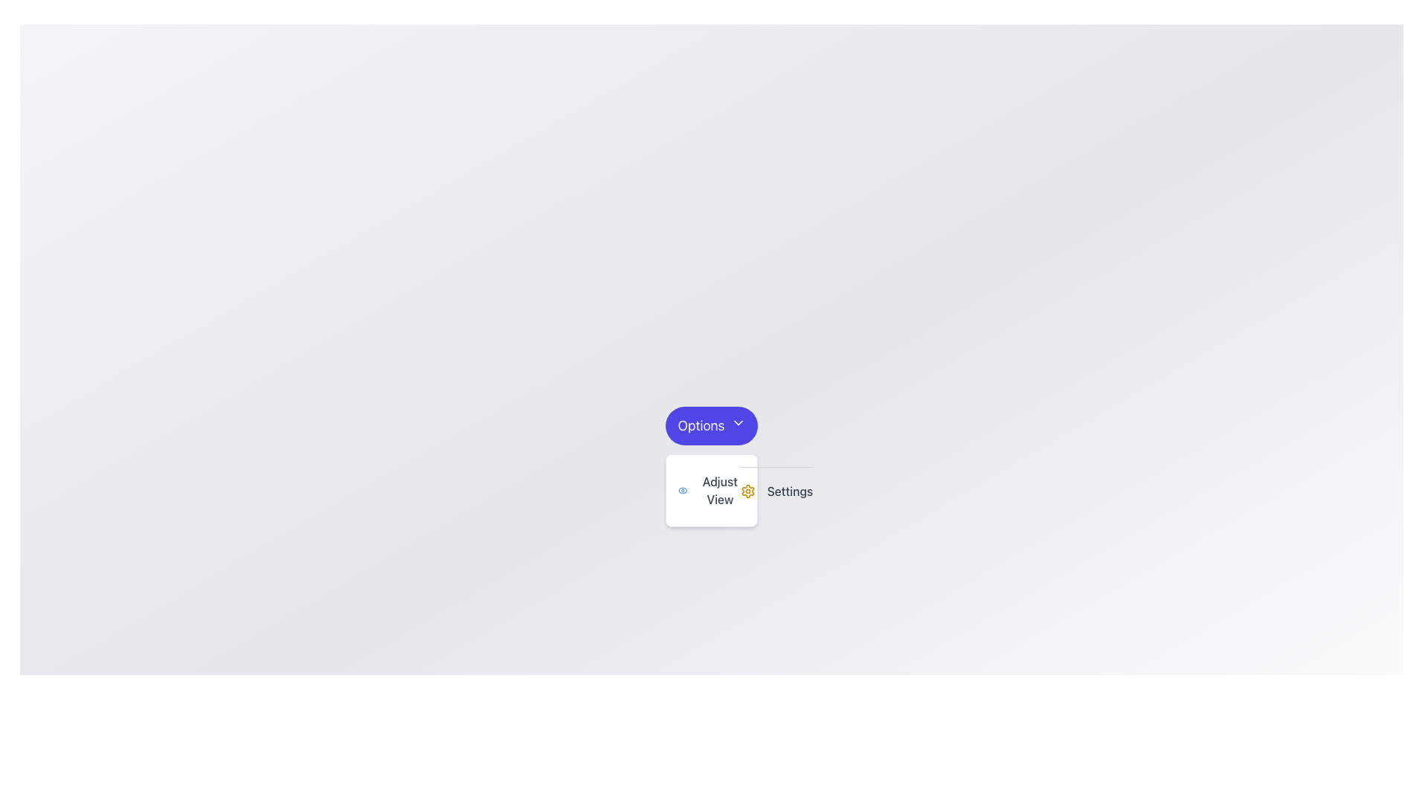  Describe the element at coordinates (789, 491) in the screenshot. I see `the 'Settings' text label located in the dropdown menu beneath the 'Options' button` at that location.